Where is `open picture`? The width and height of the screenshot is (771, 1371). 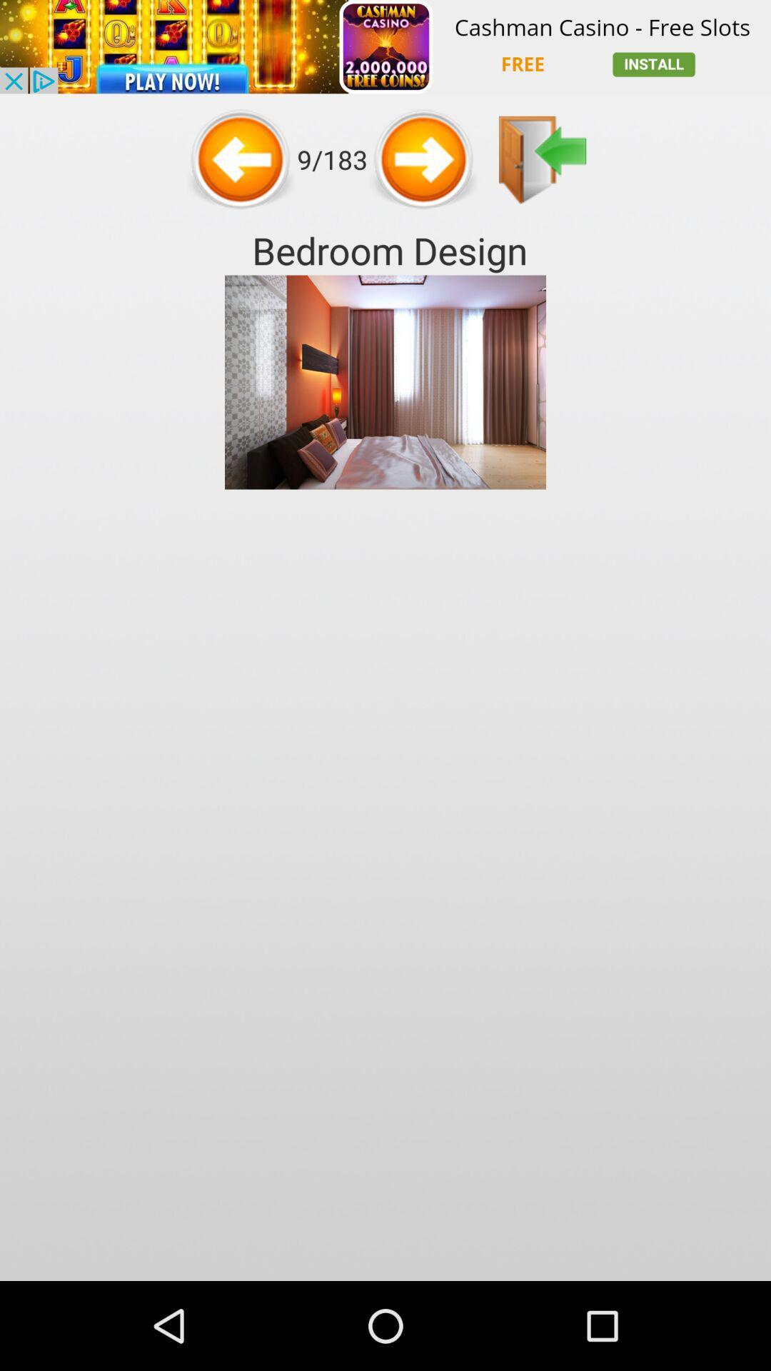
open picture is located at coordinates (543, 159).